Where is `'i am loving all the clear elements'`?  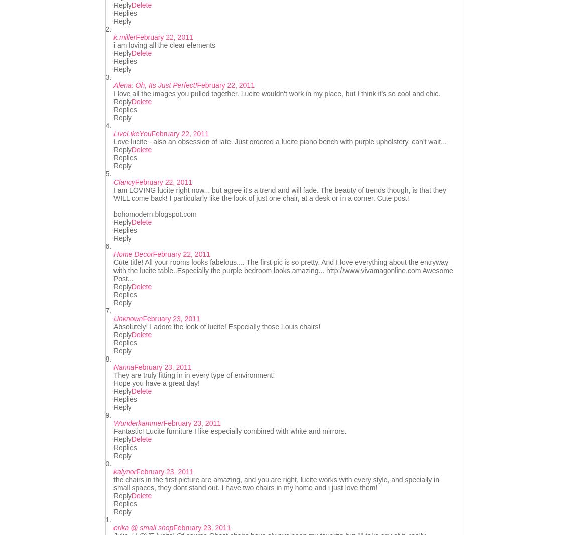
'i am loving all the clear elements' is located at coordinates (164, 45).